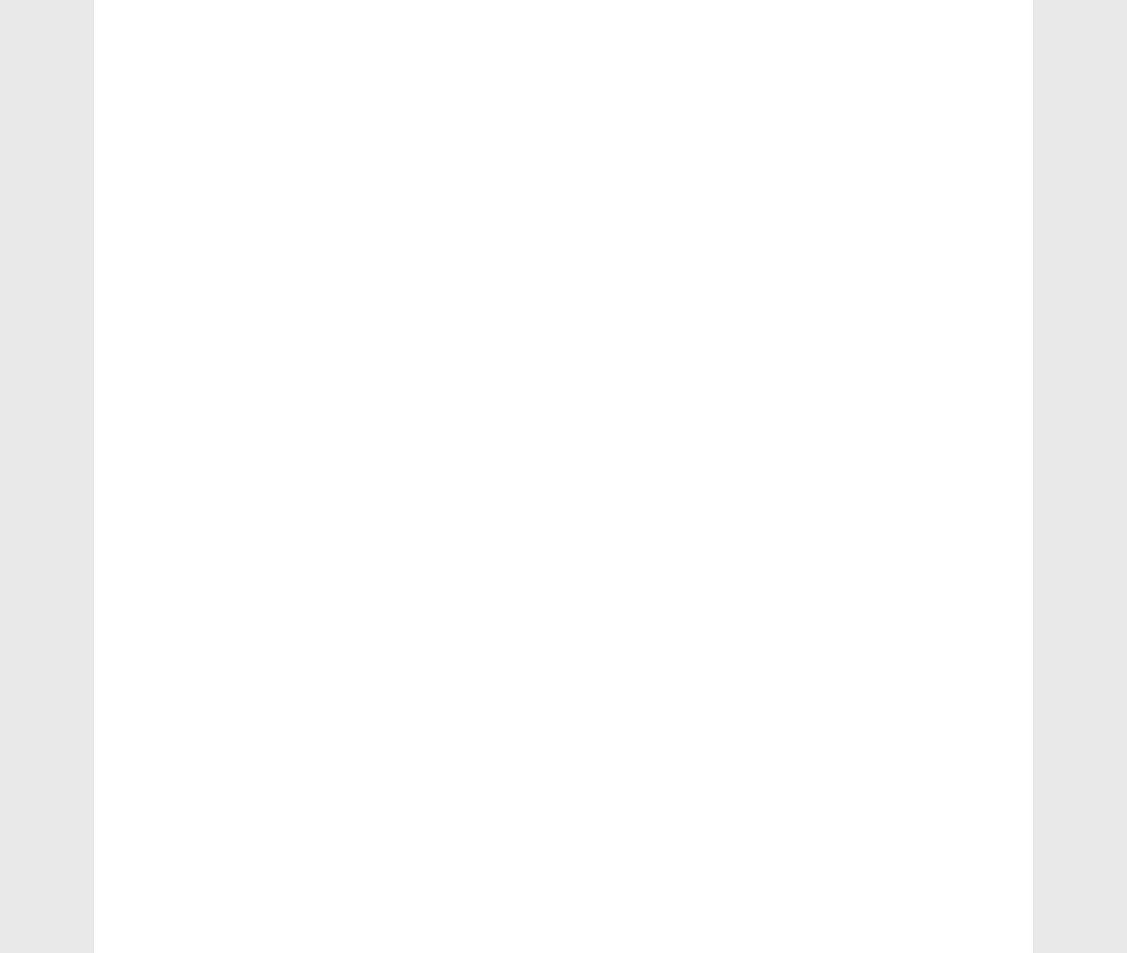 This screenshot has height=953, width=1127. What do you see at coordinates (813, 219) in the screenshot?
I see `'1. Vowel There are 11 vowels in Hindi language.  1. Mool Vowels अ, इ, उ, ओ 2. Joint Vowels आ = अ + अ ऐ = अ + इ औ = अ + उ 2. Constant  क = कम...'` at bounding box center [813, 219].